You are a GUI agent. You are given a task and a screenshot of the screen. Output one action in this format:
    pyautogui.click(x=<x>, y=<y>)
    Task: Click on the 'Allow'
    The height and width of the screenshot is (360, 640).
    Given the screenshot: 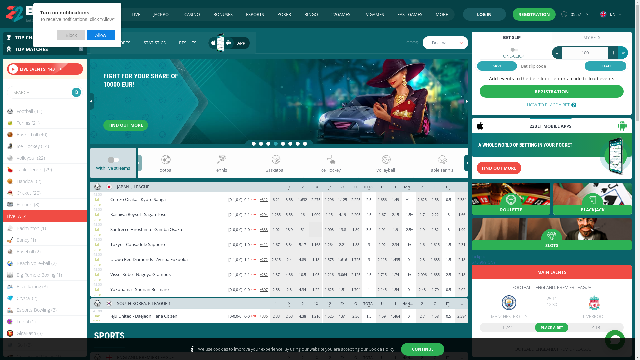 What is the action you would take?
    pyautogui.click(x=100, y=35)
    